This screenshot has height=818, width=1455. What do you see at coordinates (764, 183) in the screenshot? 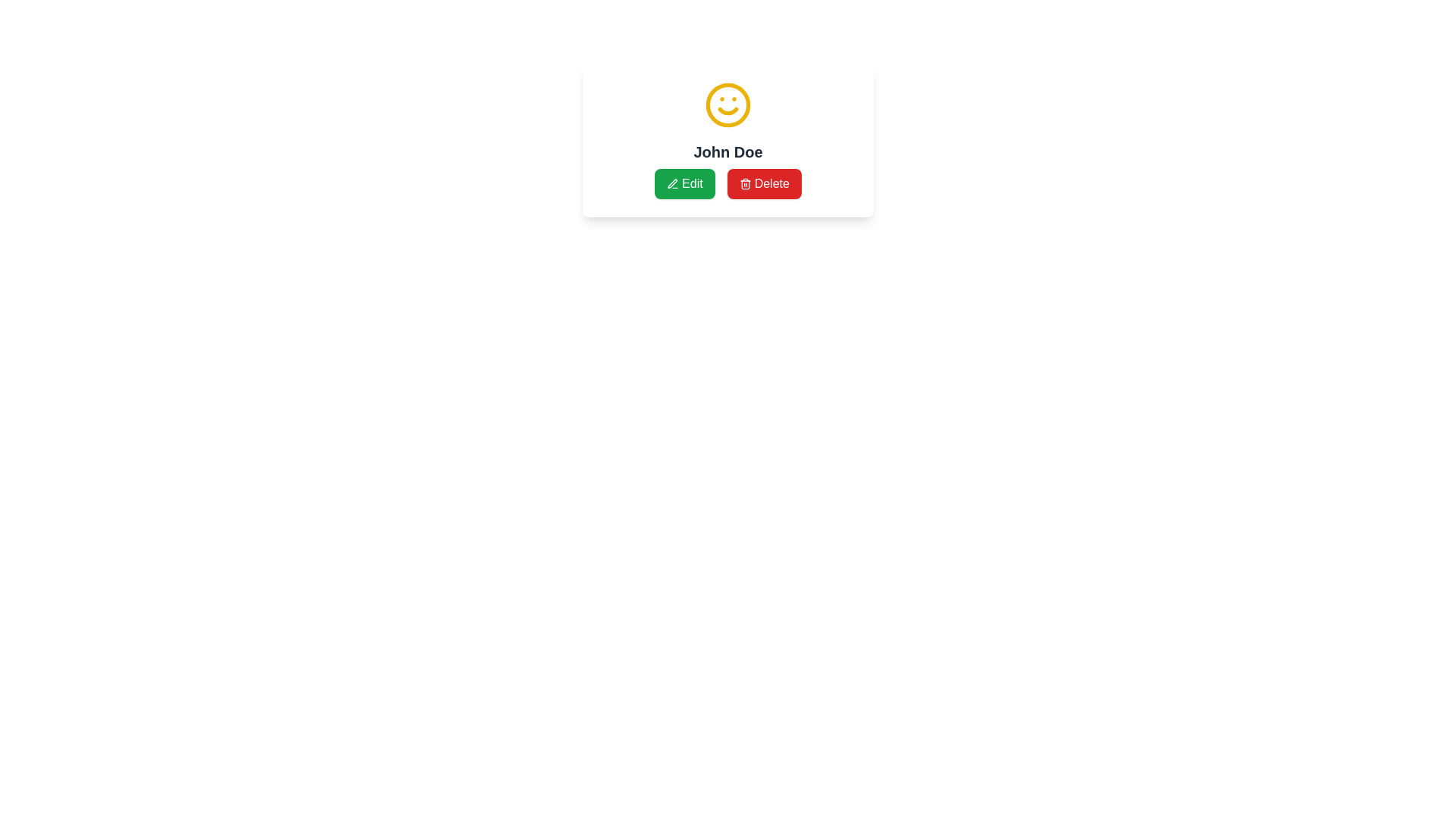
I see `the delete button located at the bottom of the centered card layout` at bounding box center [764, 183].